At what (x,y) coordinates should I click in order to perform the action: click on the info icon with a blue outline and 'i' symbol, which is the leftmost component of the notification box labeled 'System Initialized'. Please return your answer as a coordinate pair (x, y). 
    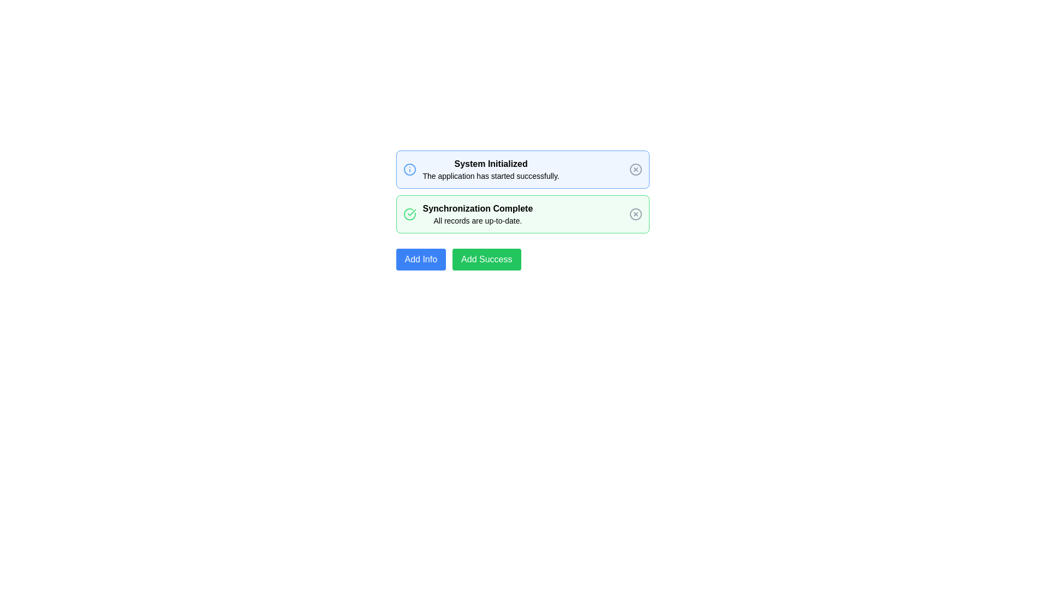
    Looking at the image, I should click on (409, 170).